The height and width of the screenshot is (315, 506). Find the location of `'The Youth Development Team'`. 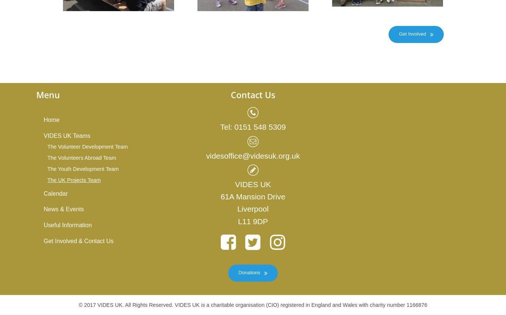

'The Youth Development Team' is located at coordinates (83, 168).